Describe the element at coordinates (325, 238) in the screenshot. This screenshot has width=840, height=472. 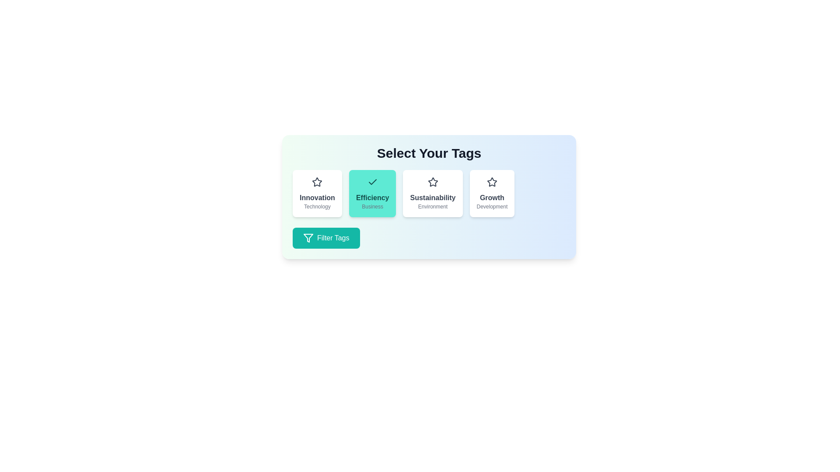
I see `the 'Filter Tags' button to trigger the filtering functionality` at that location.